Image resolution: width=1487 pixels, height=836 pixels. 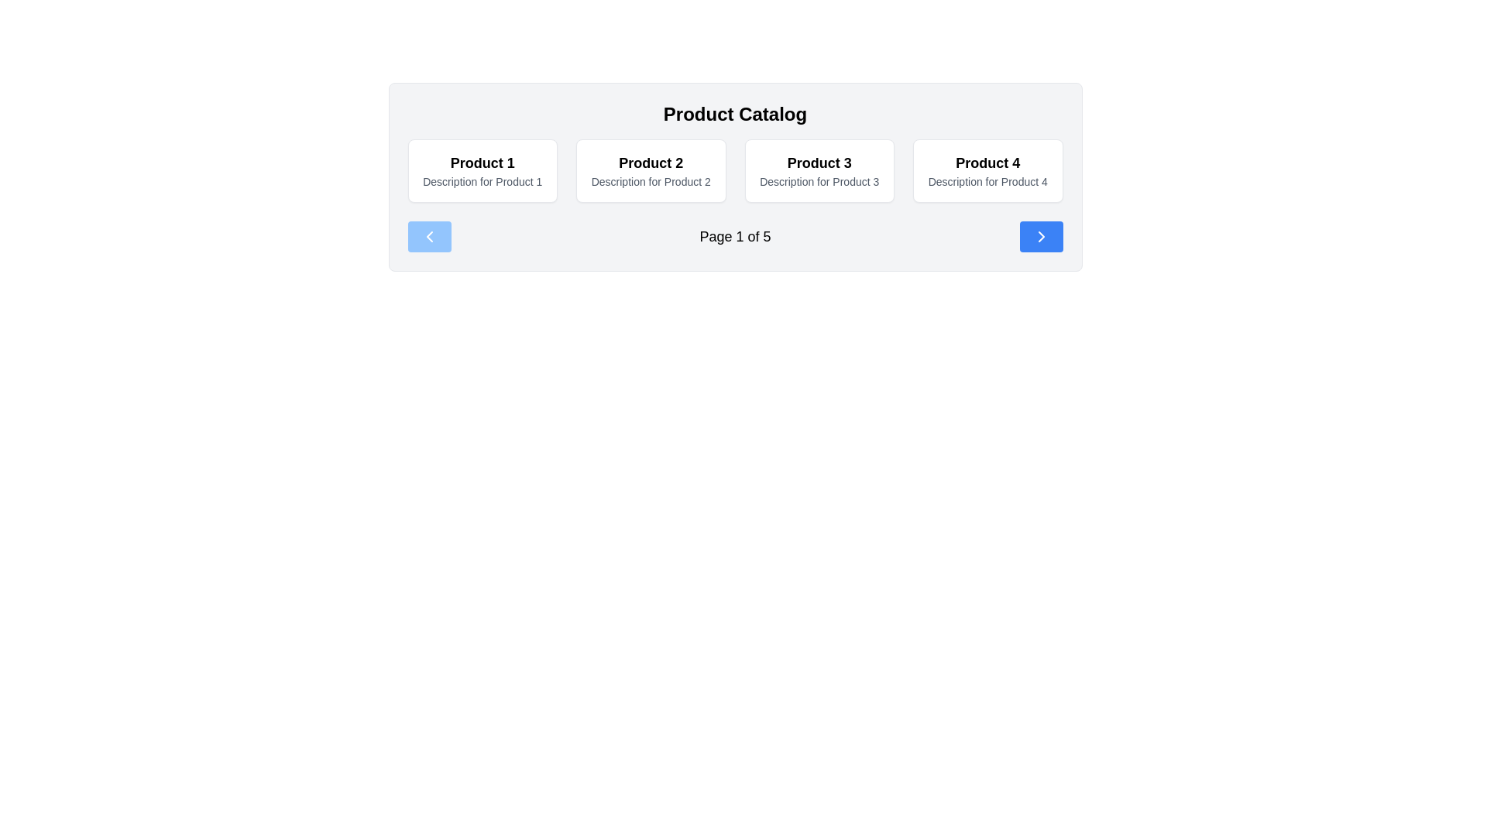 What do you see at coordinates (482, 181) in the screenshot?
I see `descriptive text for 'Product 1', located below the title within its product card` at bounding box center [482, 181].